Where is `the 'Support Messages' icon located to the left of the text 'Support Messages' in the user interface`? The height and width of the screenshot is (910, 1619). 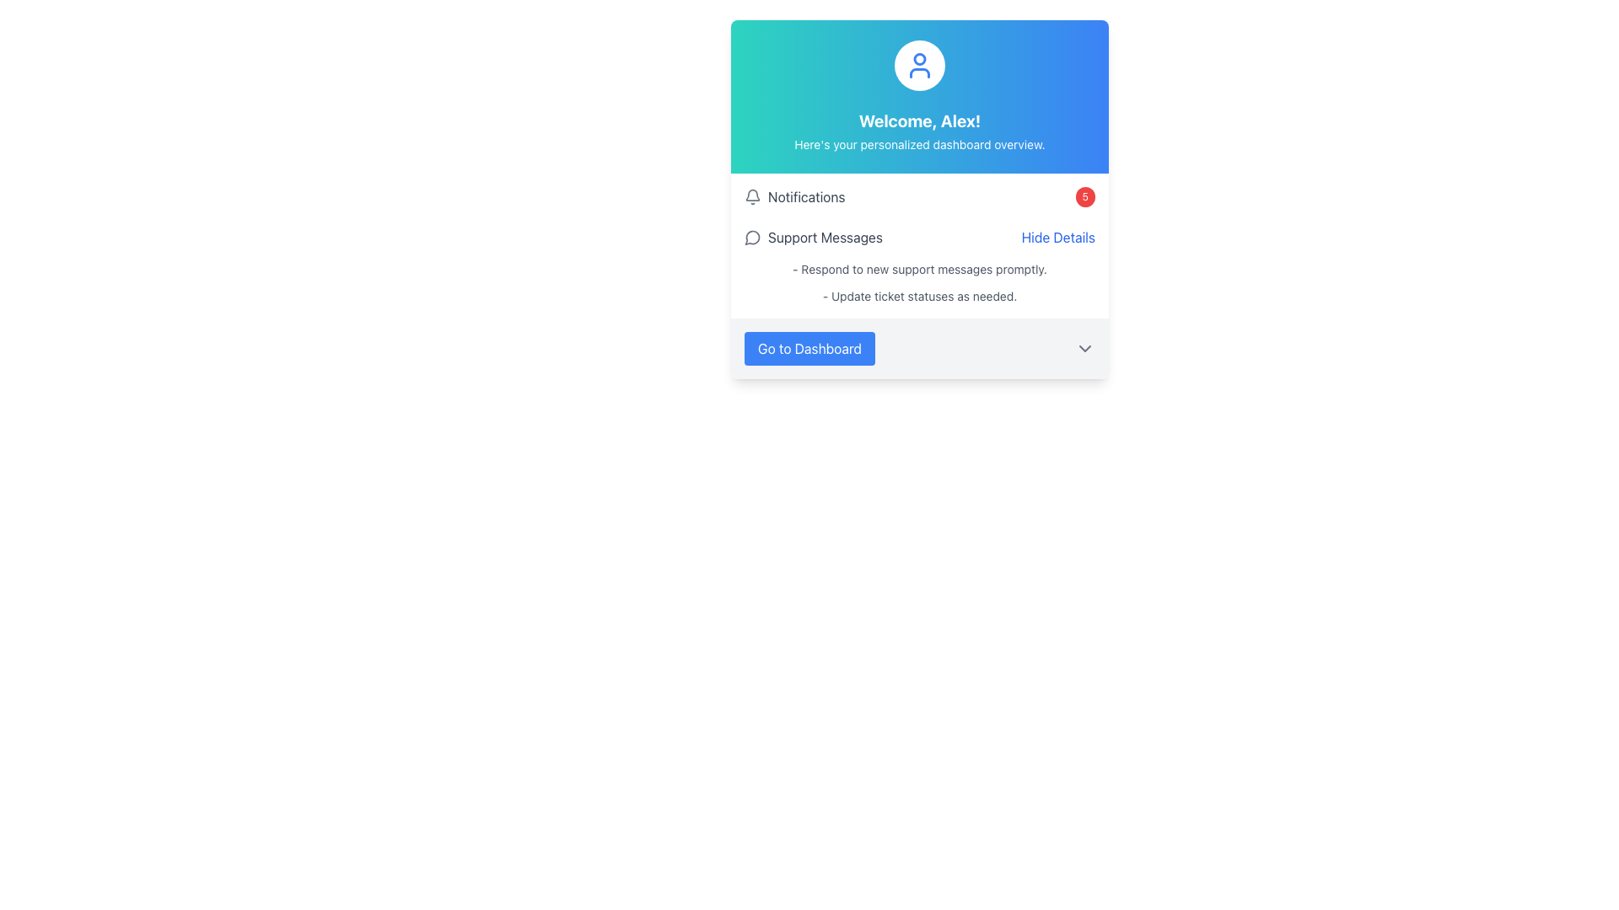 the 'Support Messages' icon located to the left of the text 'Support Messages' in the user interface is located at coordinates (751, 237).